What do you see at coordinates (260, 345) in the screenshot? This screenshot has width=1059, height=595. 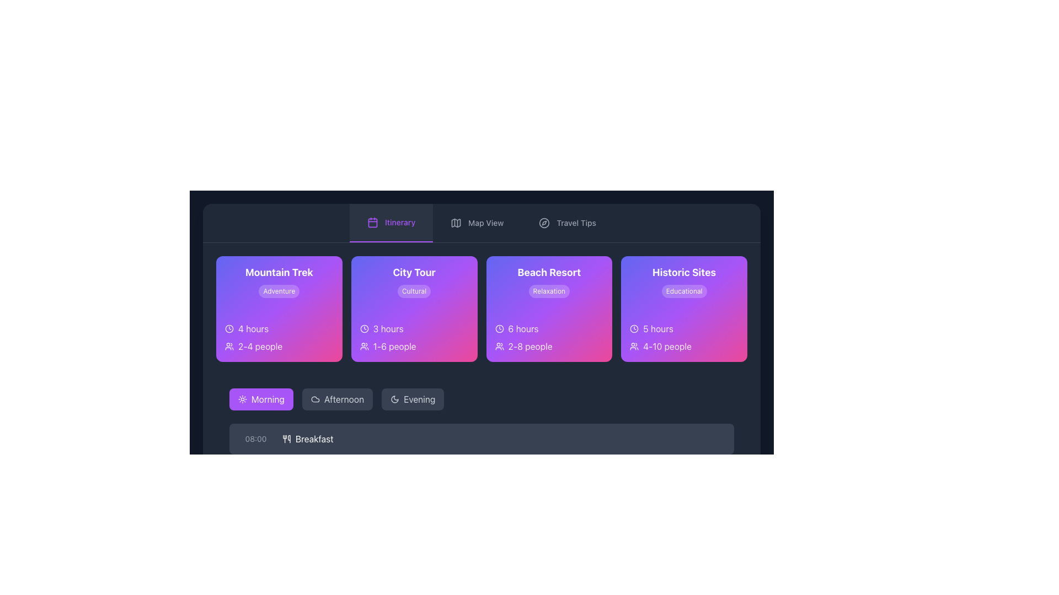 I see `text label displaying '2-4 people' that is styled in white color on a purple gradient background, located at the bottom of the 'Mountain Trek' activity card` at bounding box center [260, 345].